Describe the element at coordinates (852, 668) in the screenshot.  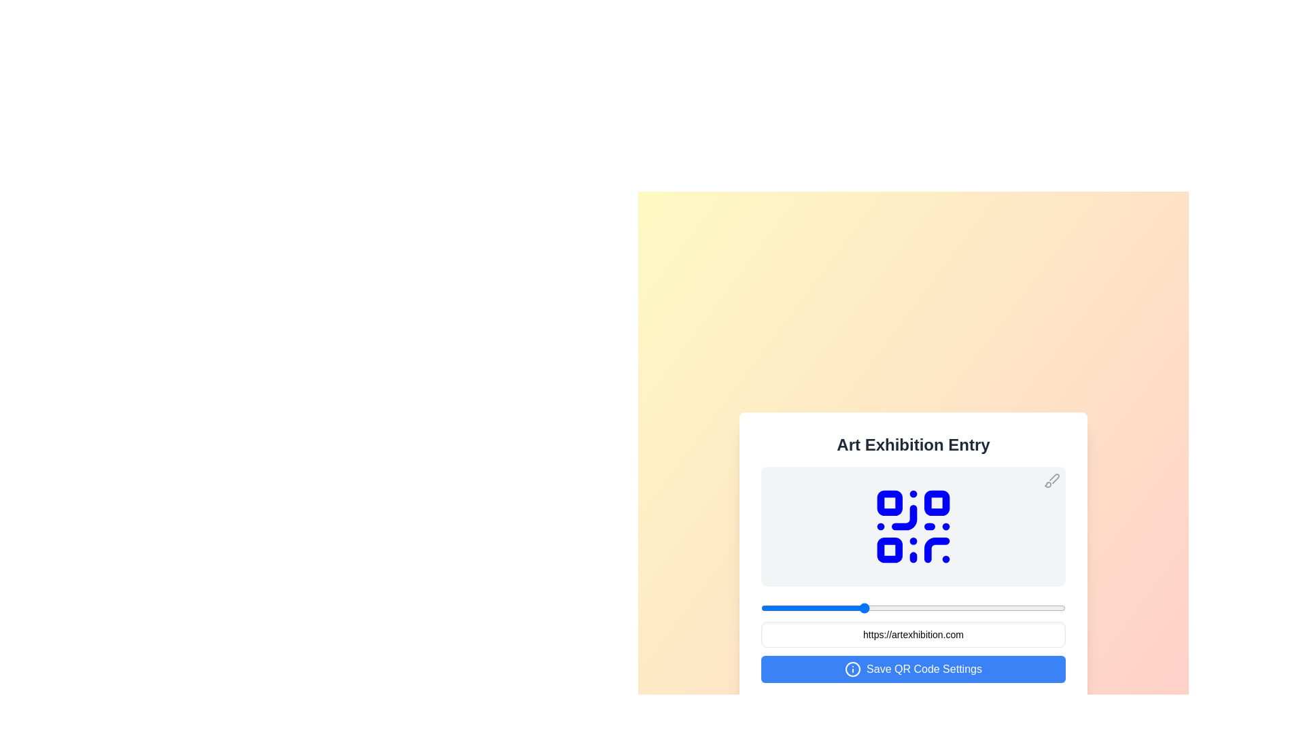
I see `the decorative circular icon located within the button near the bottom-left side of the rectangular panel` at that location.